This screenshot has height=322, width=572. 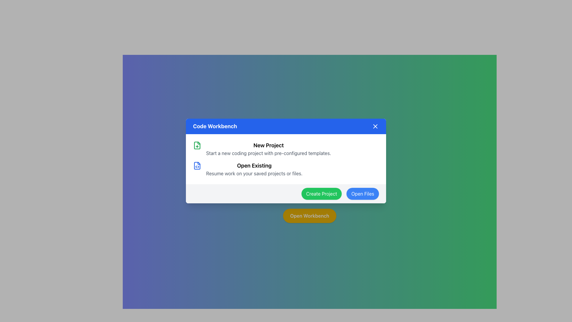 What do you see at coordinates (286, 149) in the screenshot?
I see `the 'New Project' Text with Icon Description Block` at bounding box center [286, 149].